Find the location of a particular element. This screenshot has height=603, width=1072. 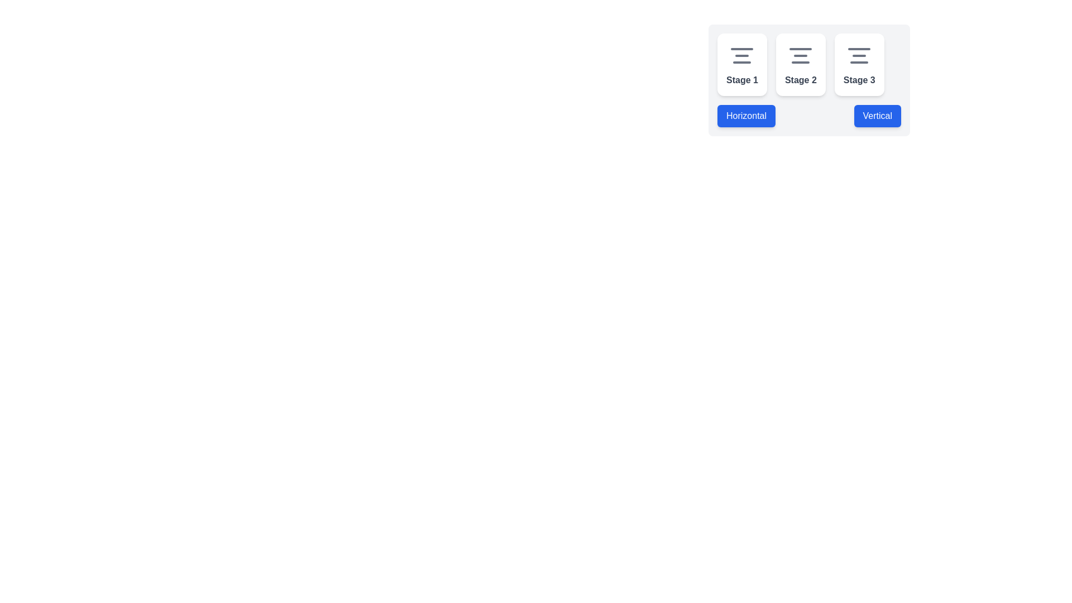

the horizontally aligned group of stage boxes labeled 'Stage 1', 'Stage 2', and 'Stage 3' is located at coordinates (809, 64).